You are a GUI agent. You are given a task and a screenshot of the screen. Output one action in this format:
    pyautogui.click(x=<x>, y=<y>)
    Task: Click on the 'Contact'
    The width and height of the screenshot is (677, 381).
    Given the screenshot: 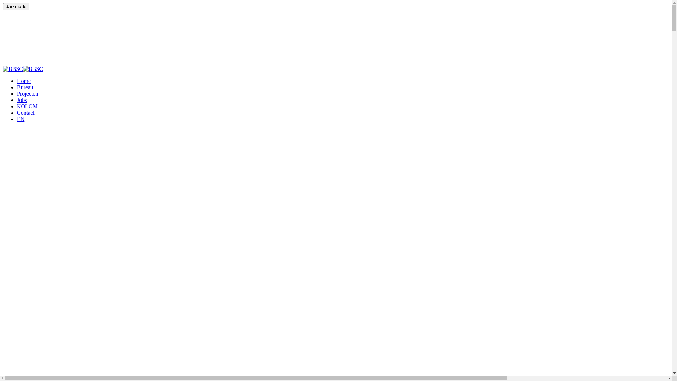 What is the action you would take?
    pyautogui.click(x=25, y=112)
    